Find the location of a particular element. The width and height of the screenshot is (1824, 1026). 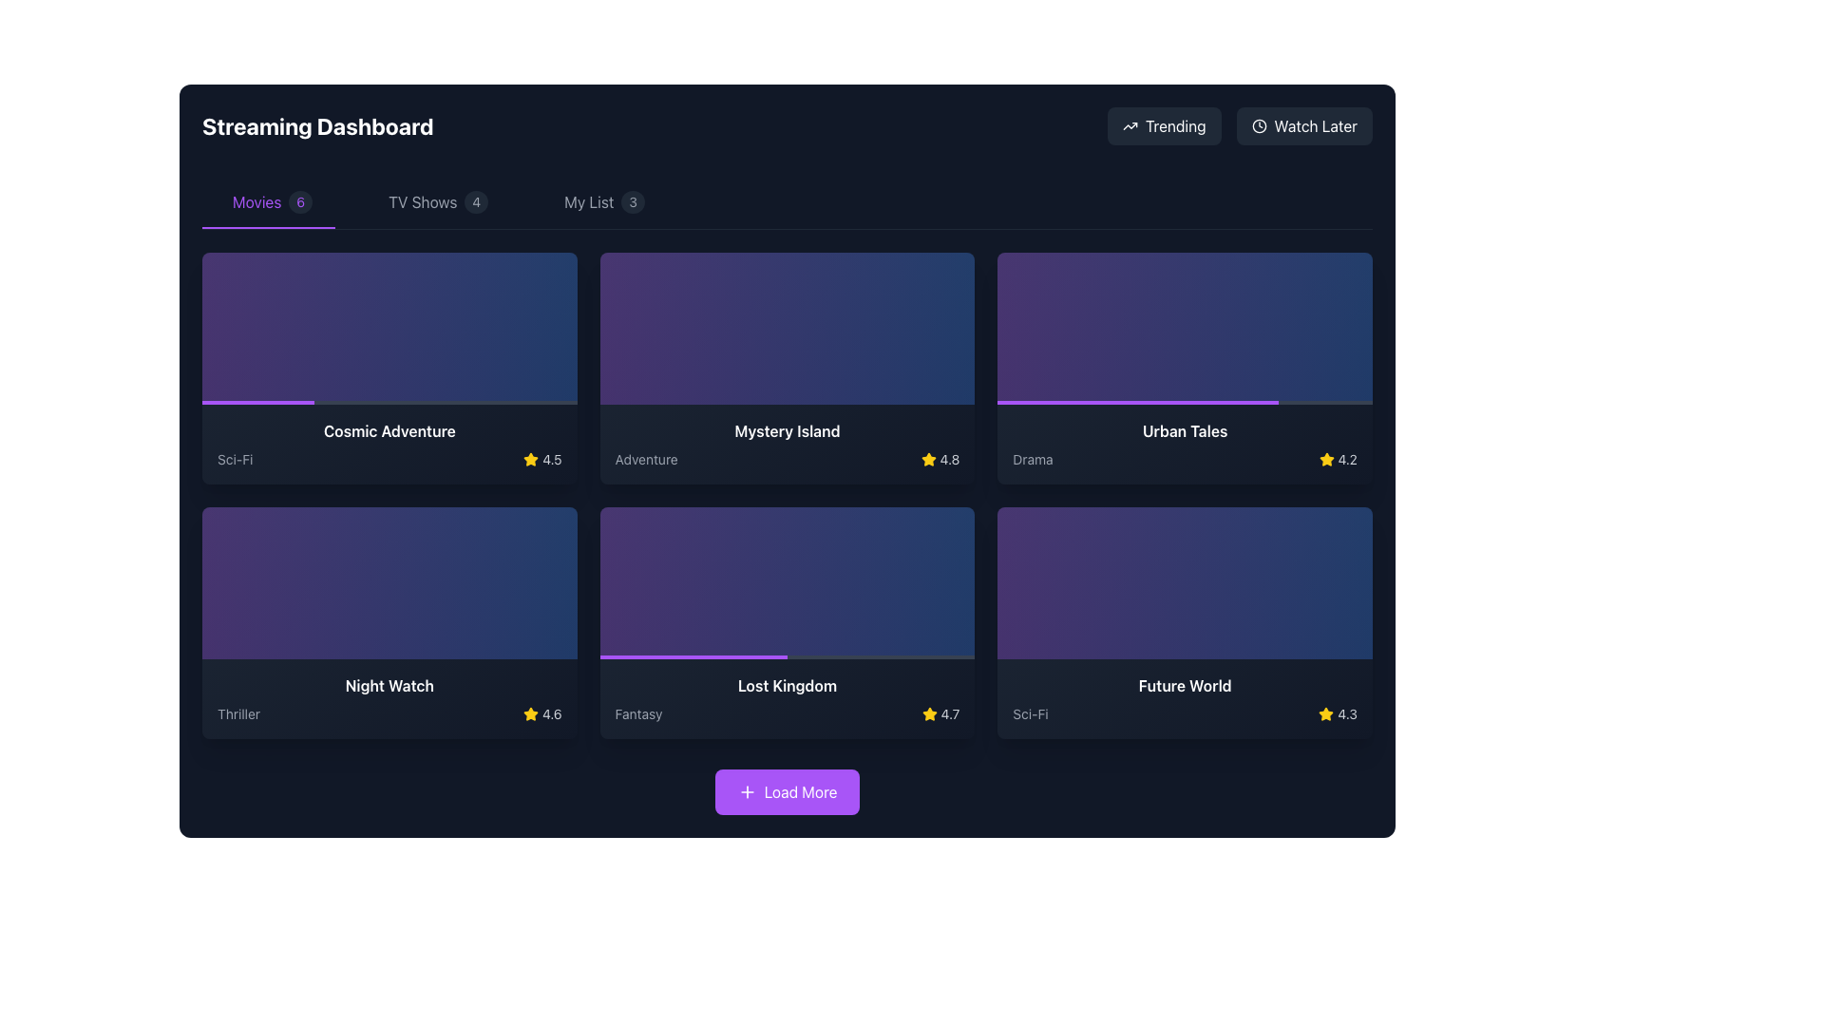

the text label titled 'Urban Tales' which is displayed in white bold text on a dark background, located in the top-right section of the 'Drama' component is located at coordinates (1184, 431).